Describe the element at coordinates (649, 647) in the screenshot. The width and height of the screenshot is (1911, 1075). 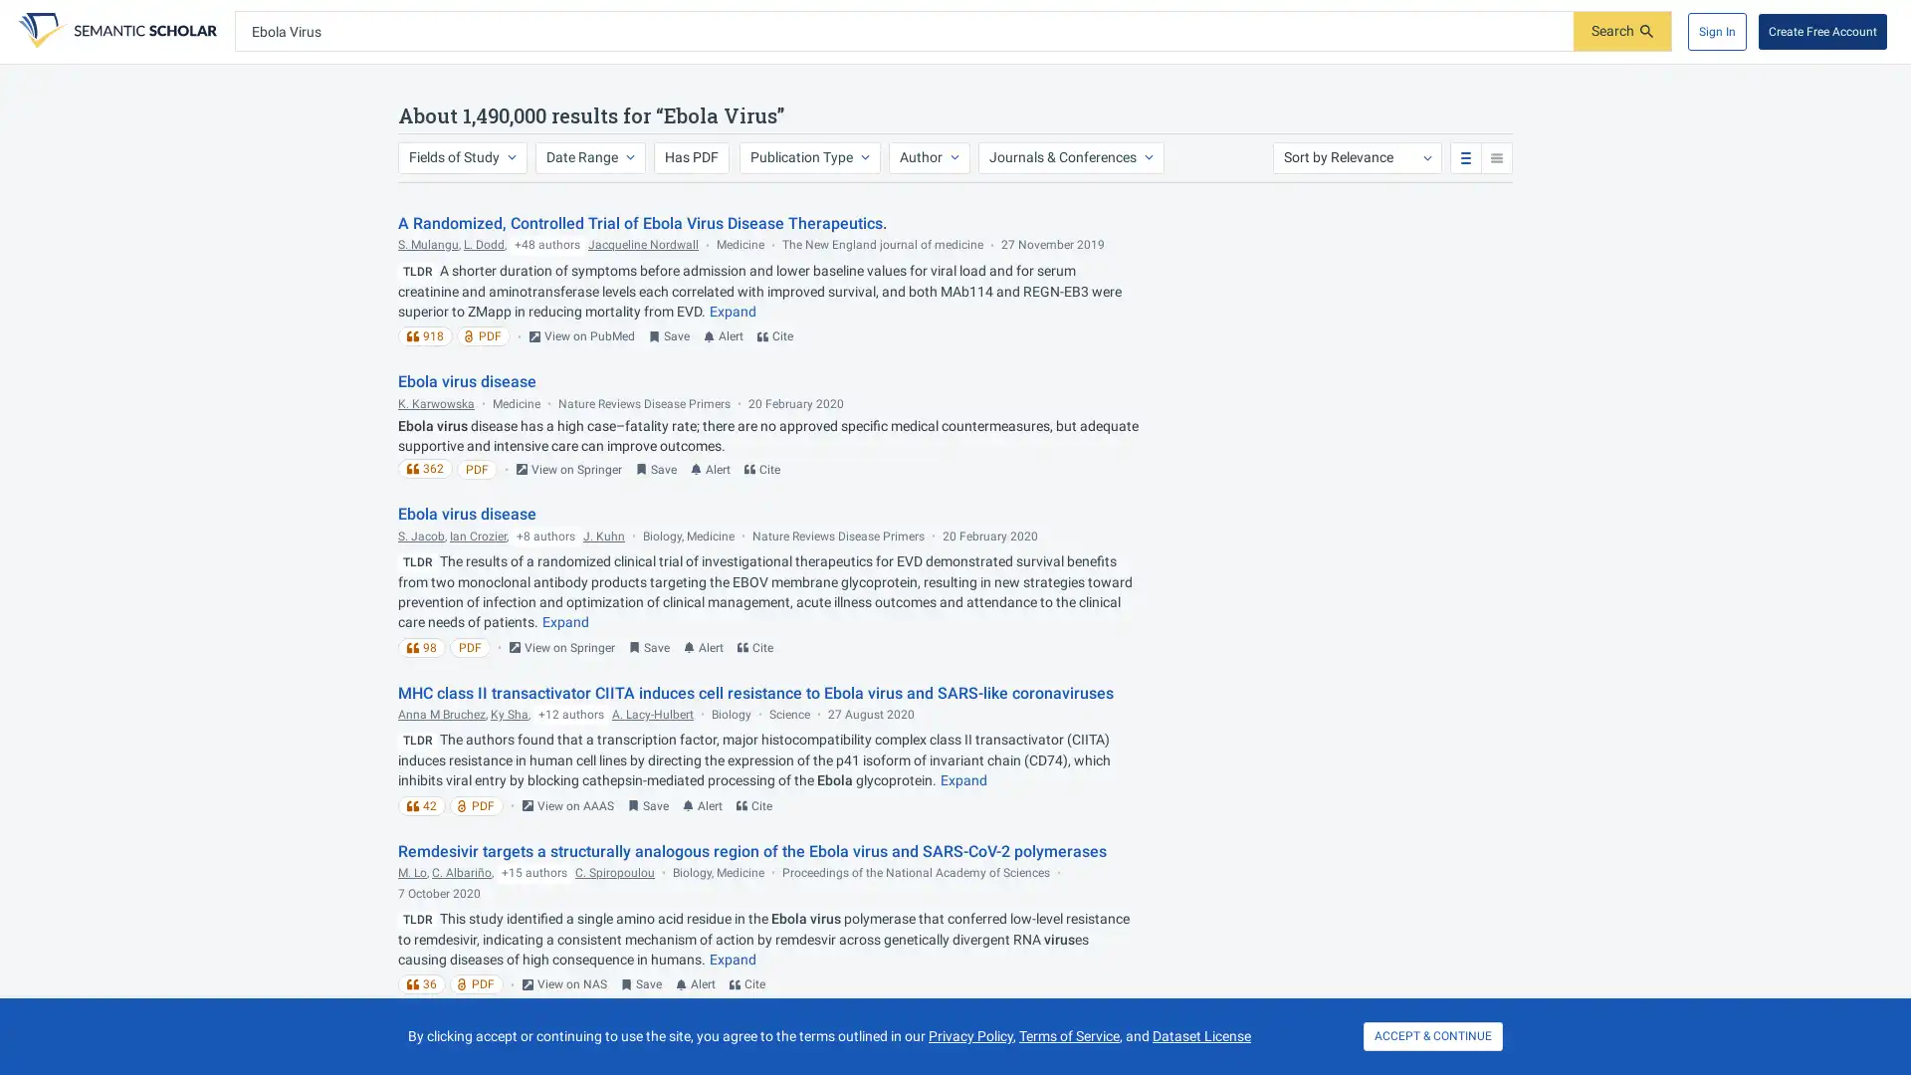
I see `Save to Library` at that location.